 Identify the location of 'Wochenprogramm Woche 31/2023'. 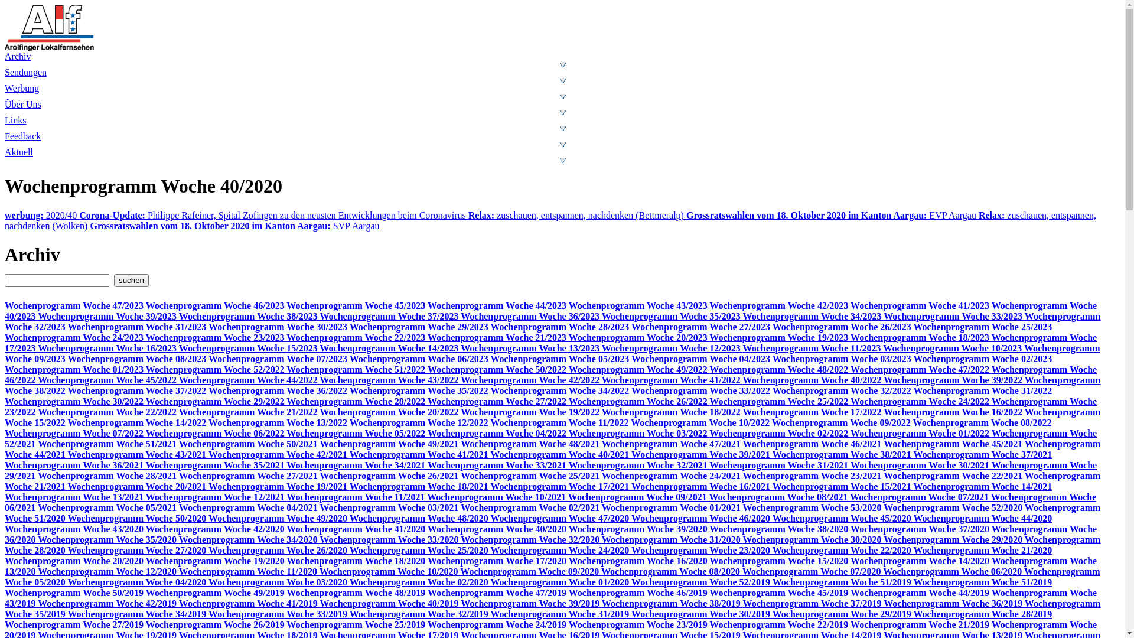
(138, 327).